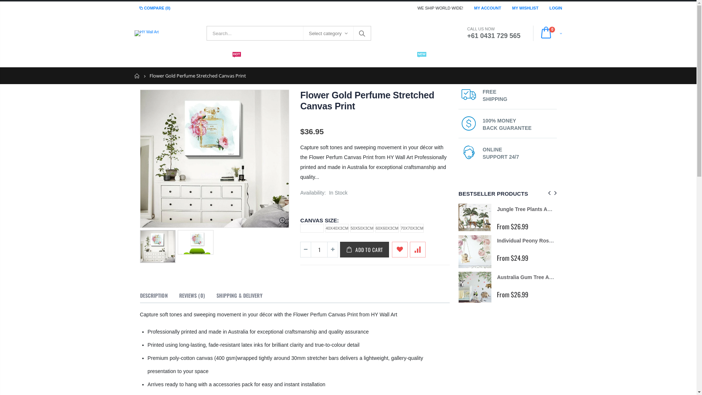 The height and width of the screenshot is (395, 702). Describe the element at coordinates (488, 7) in the screenshot. I see `'MY ACCOUNT'` at that location.